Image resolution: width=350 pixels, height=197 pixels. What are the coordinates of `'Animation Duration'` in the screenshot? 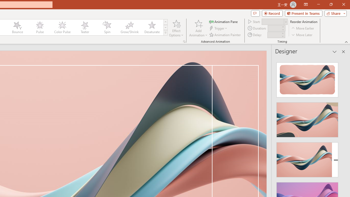 It's located at (274, 28).